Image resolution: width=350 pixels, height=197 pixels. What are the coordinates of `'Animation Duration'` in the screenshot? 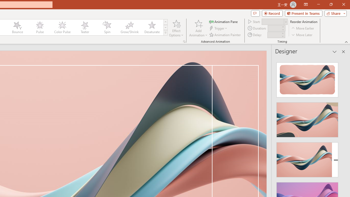 It's located at (274, 28).